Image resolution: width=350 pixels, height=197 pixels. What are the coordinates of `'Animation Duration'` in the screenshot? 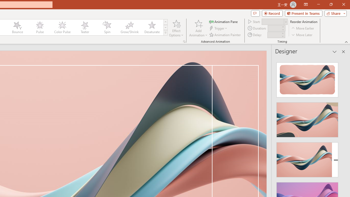 It's located at (274, 28).